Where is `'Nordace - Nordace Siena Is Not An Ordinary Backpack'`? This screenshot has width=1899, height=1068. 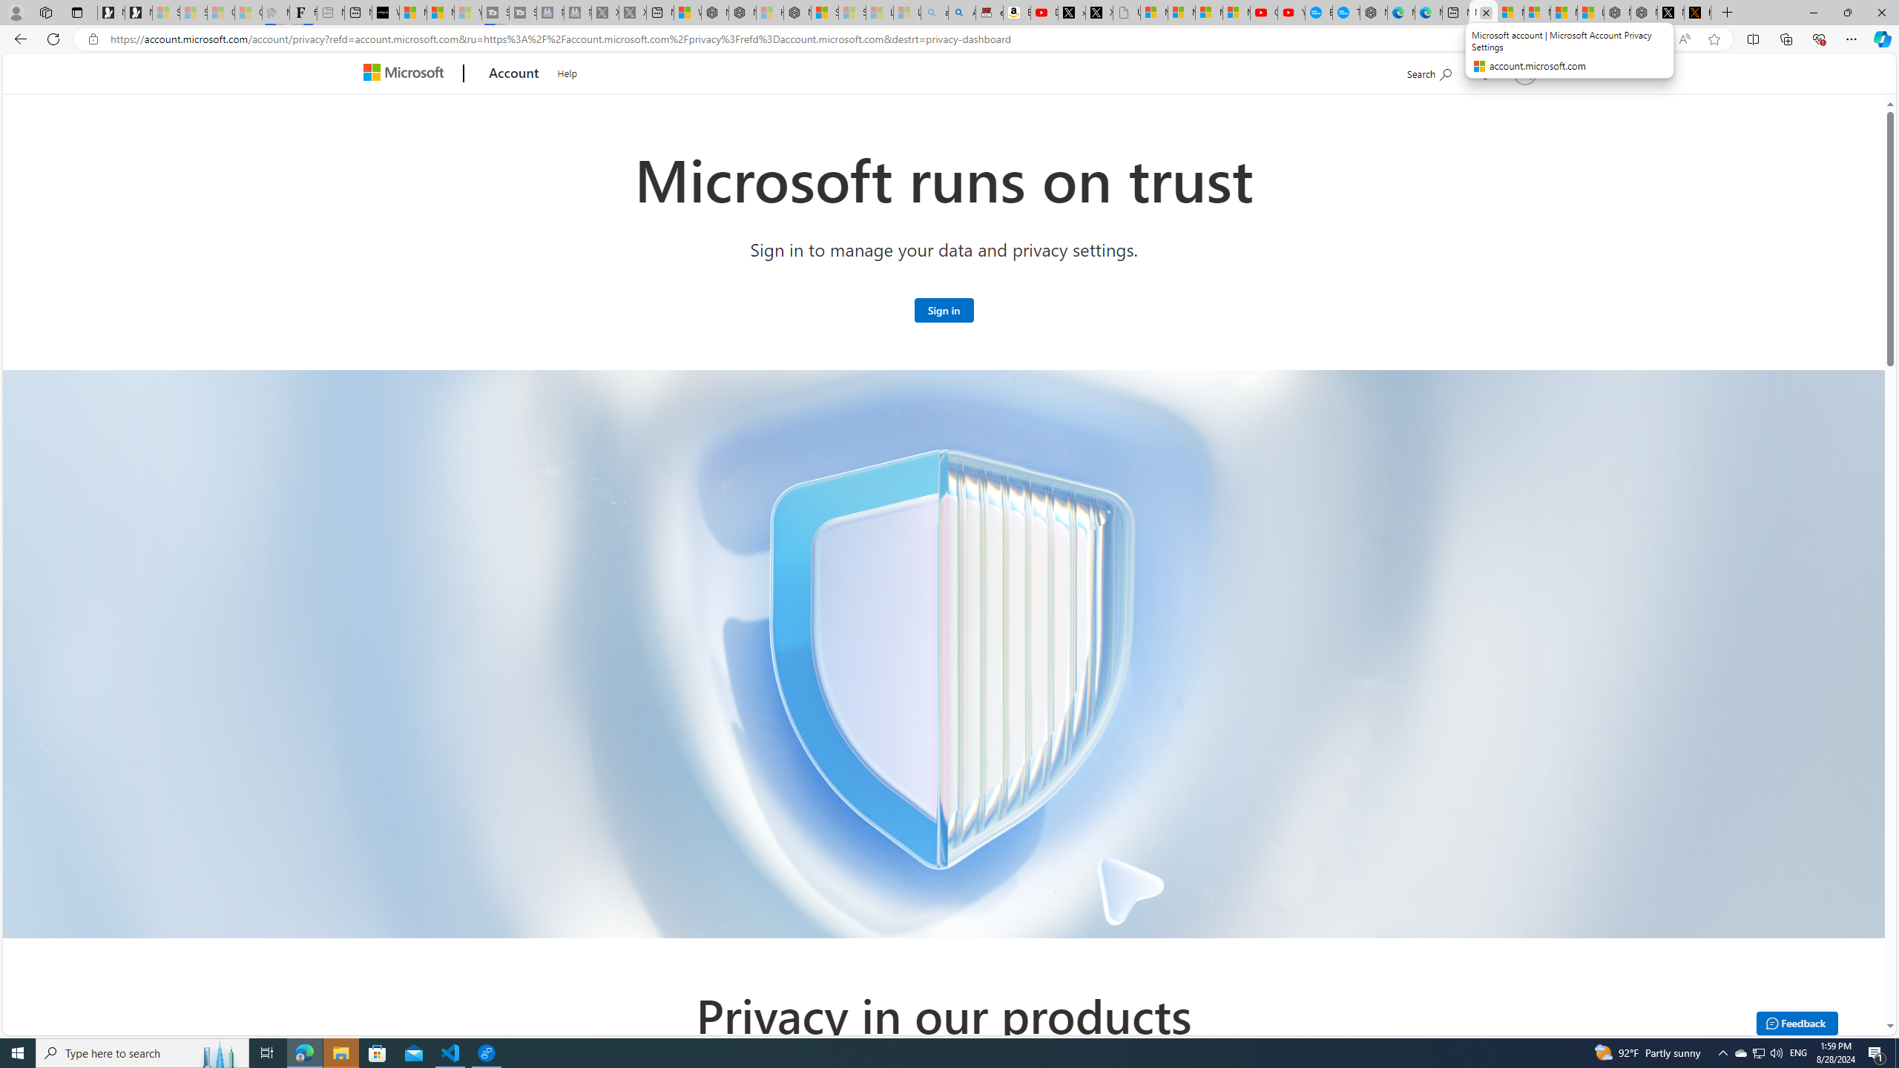
'Nordace - Nordace Siena Is Not An Ordinary Backpack' is located at coordinates (795, 12).